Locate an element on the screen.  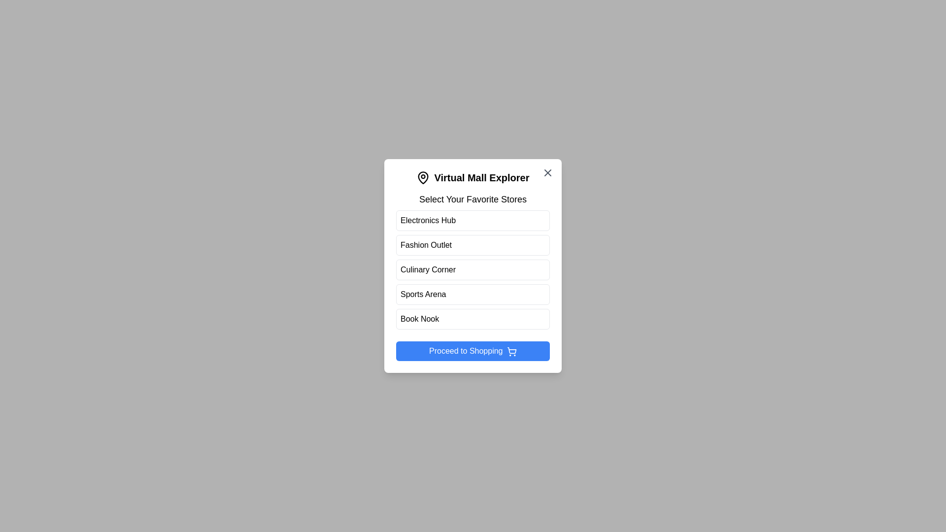
the 'Fashion Outlet' list item, which is the second option under 'Select Your Favorite Stores' is located at coordinates (473, 244).